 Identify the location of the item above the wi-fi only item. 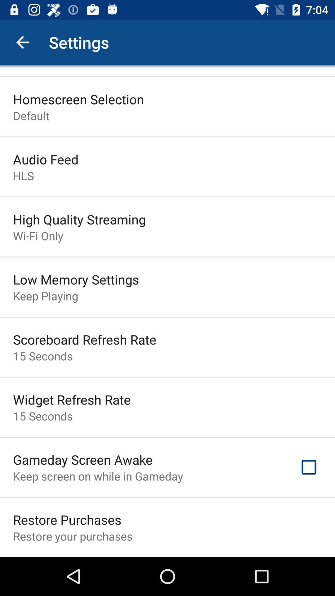
(79, 219).